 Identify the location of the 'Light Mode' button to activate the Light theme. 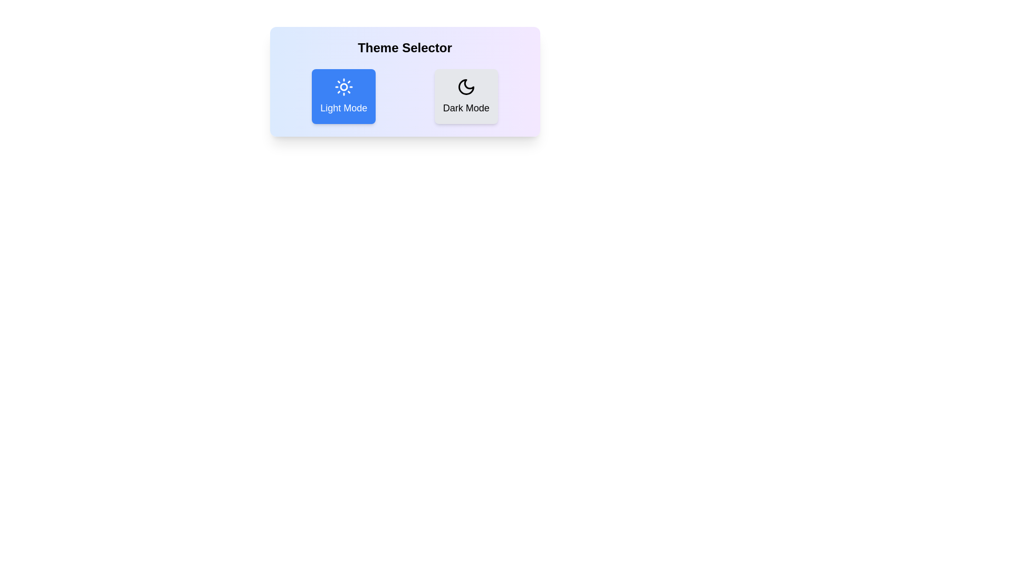
(343, 96).